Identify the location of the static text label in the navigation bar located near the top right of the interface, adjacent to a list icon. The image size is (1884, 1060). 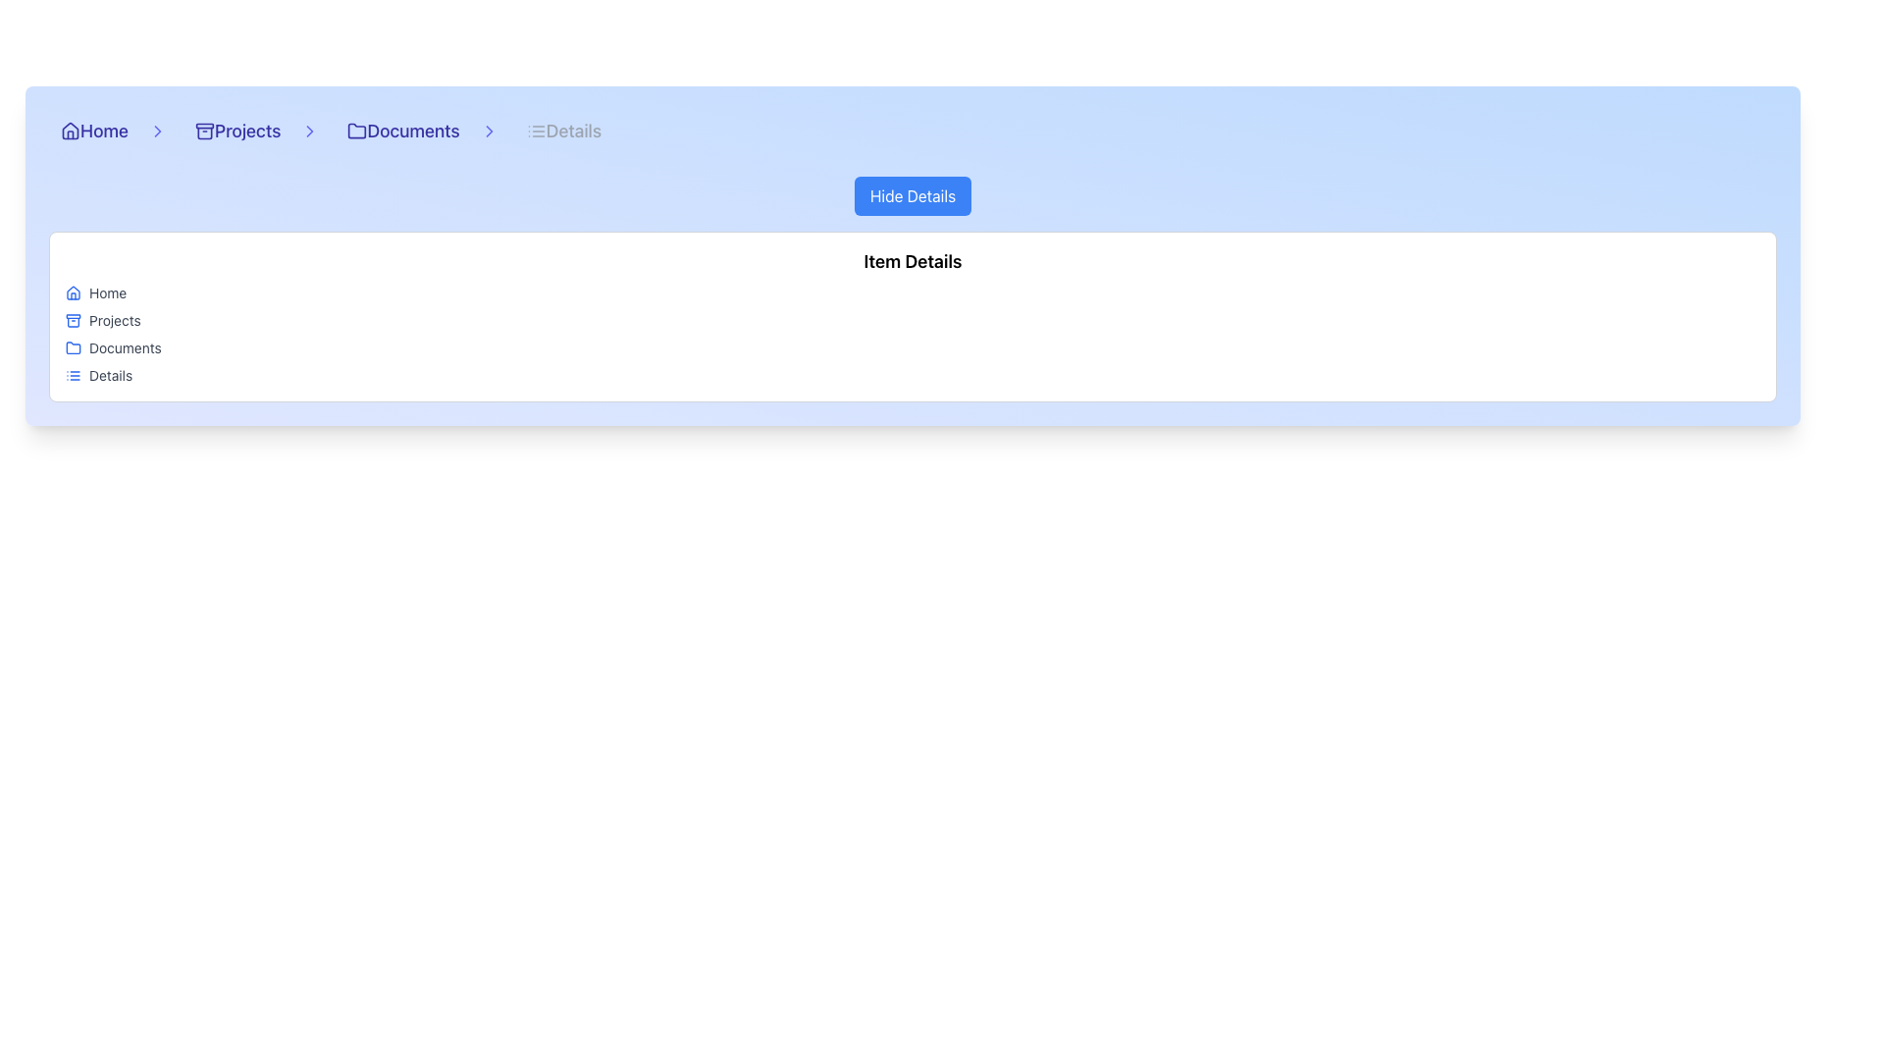
(572, 132).